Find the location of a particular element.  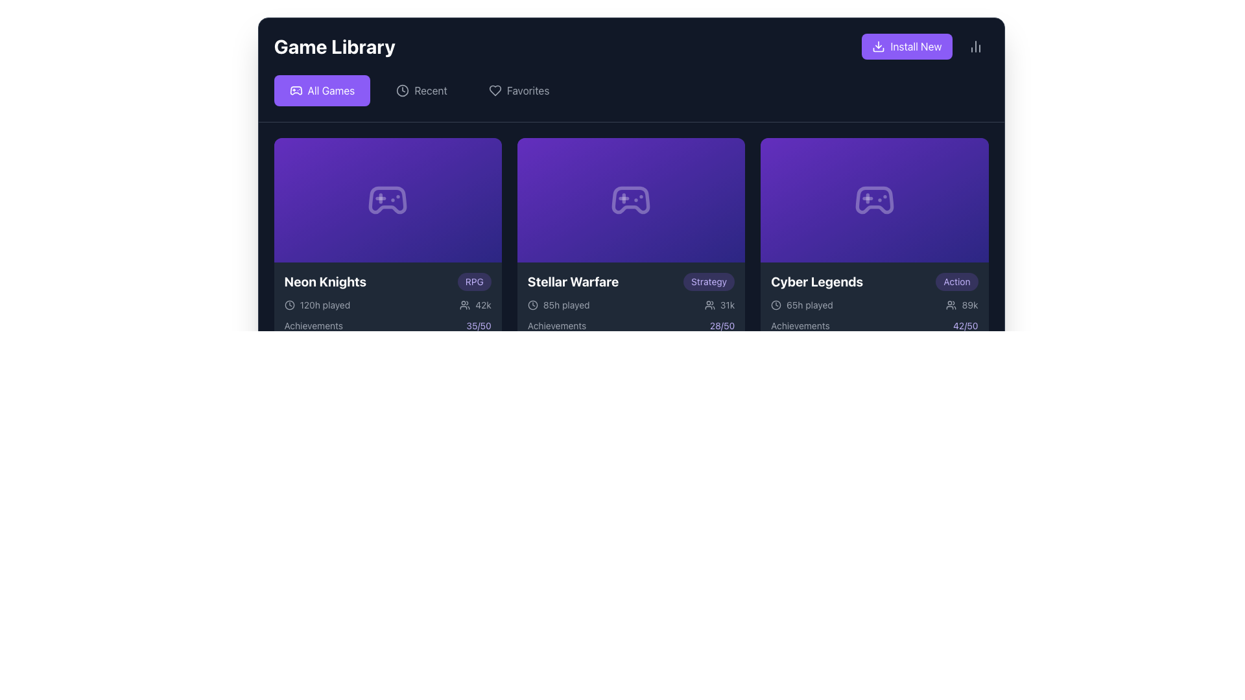

the 'Achievements' text display element, which shows '42/50' in violet color, located in the rightmost column of the 'Cyber Legends' game card, near the bottom, above a progress bar is located at coordinates (874, 325).